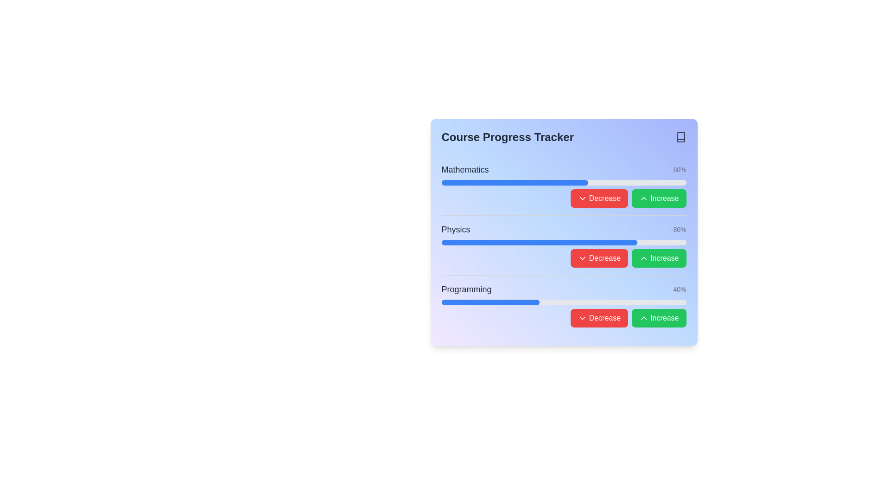 The image size is (890, 501). I want to click on the Progress Bar that visually represents the 80% completion of the Physics course, located in the middle section of the course progress card, so click(563, 242).